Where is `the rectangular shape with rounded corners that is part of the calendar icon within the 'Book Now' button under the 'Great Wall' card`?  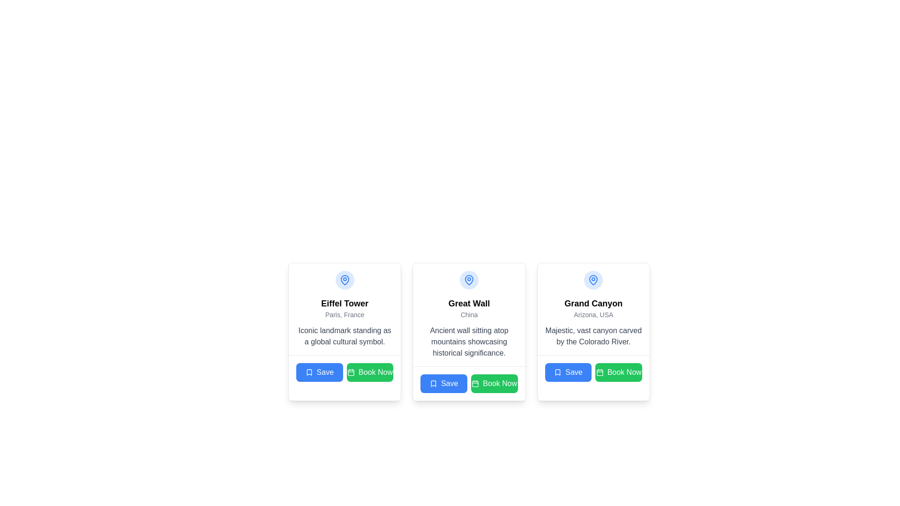
the rectangular shape with rounded corners that is part of the calendar icon within the 'Book Now' button under the 'Great Wall' card is located at coordinates (475, 384).